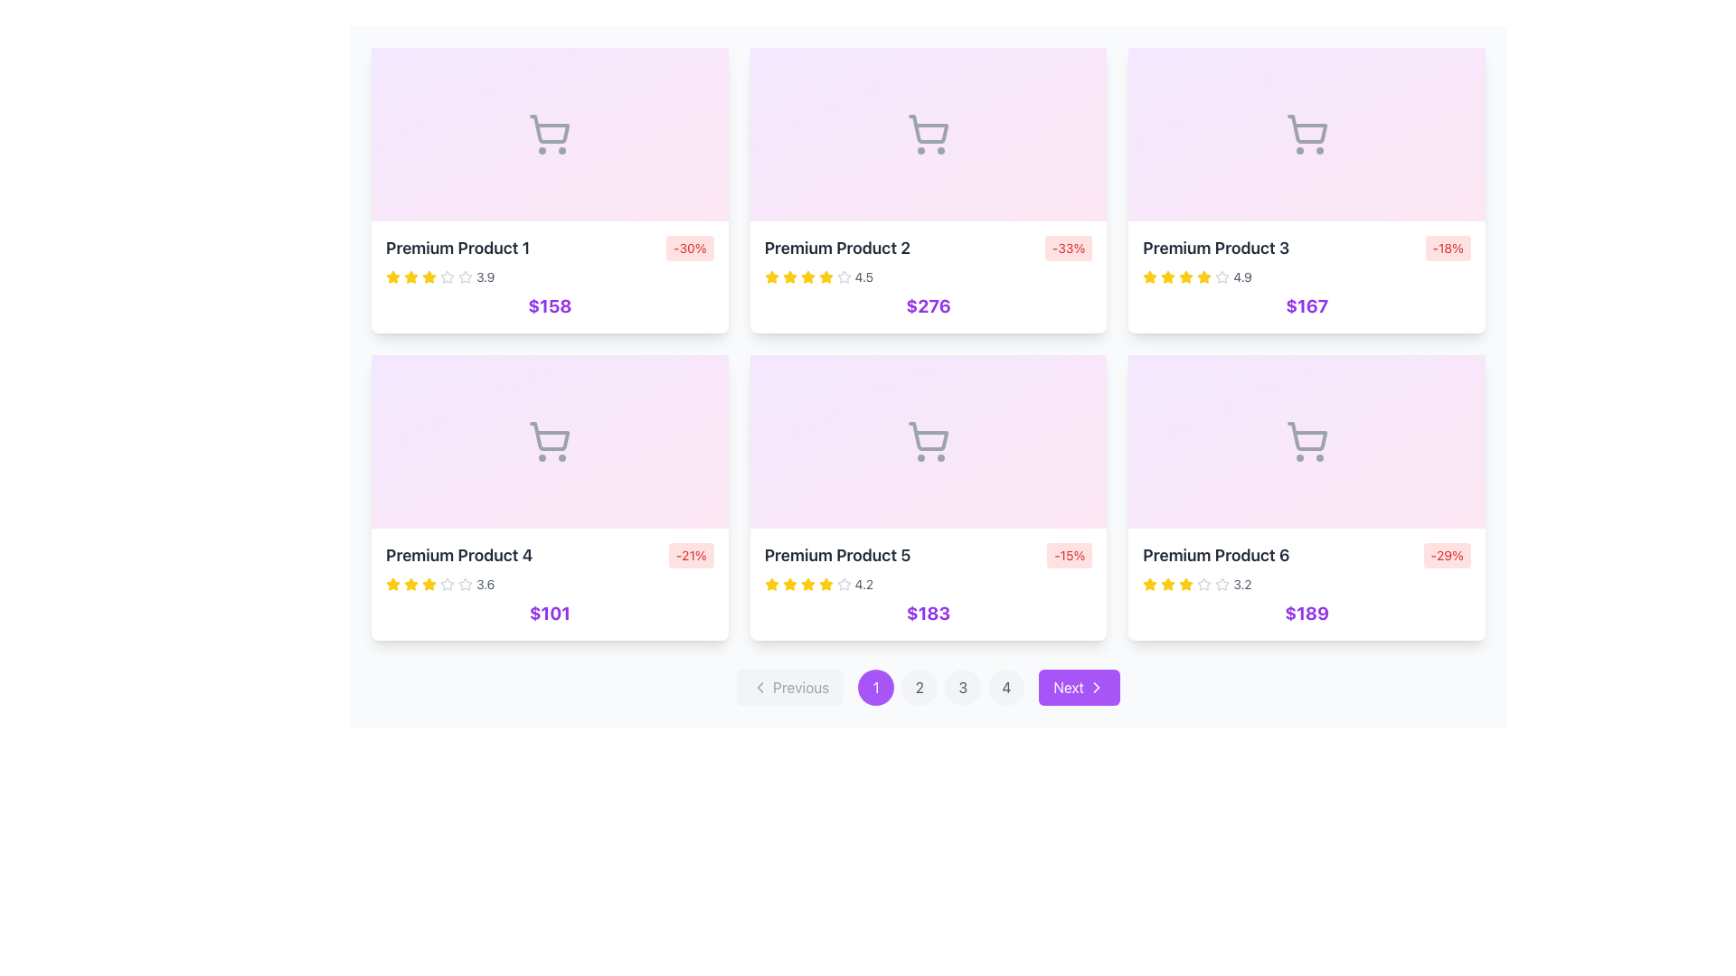  I want to click on the small rectangular label with a light red background and red text that displays '-29%' in bold, located at the top-right corner of the card for 'Premium Product 6', so click(1447, 554).